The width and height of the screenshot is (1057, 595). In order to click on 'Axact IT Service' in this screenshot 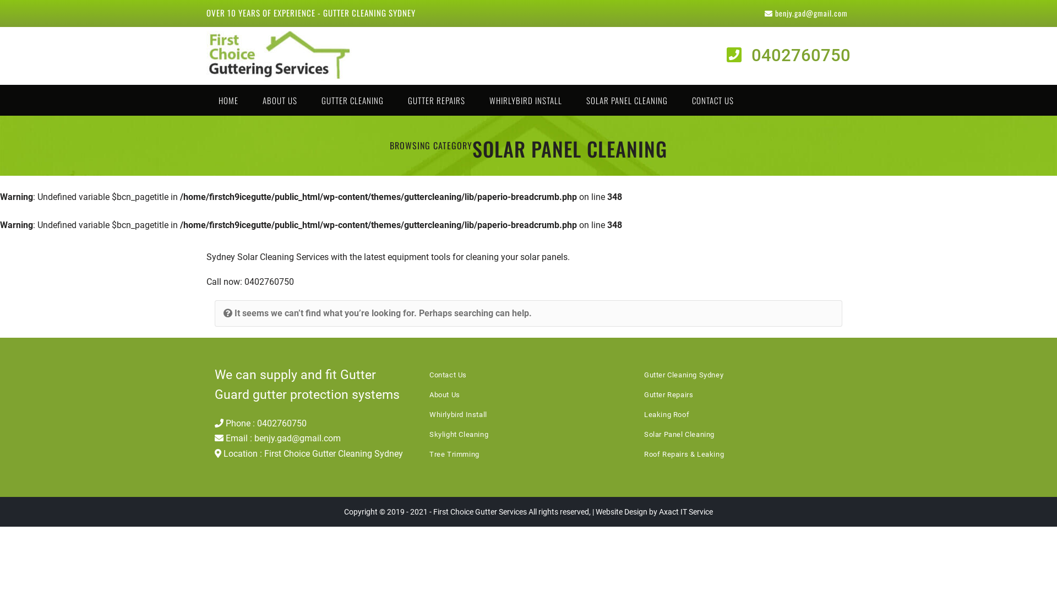, I will do `click(685, 512)`.